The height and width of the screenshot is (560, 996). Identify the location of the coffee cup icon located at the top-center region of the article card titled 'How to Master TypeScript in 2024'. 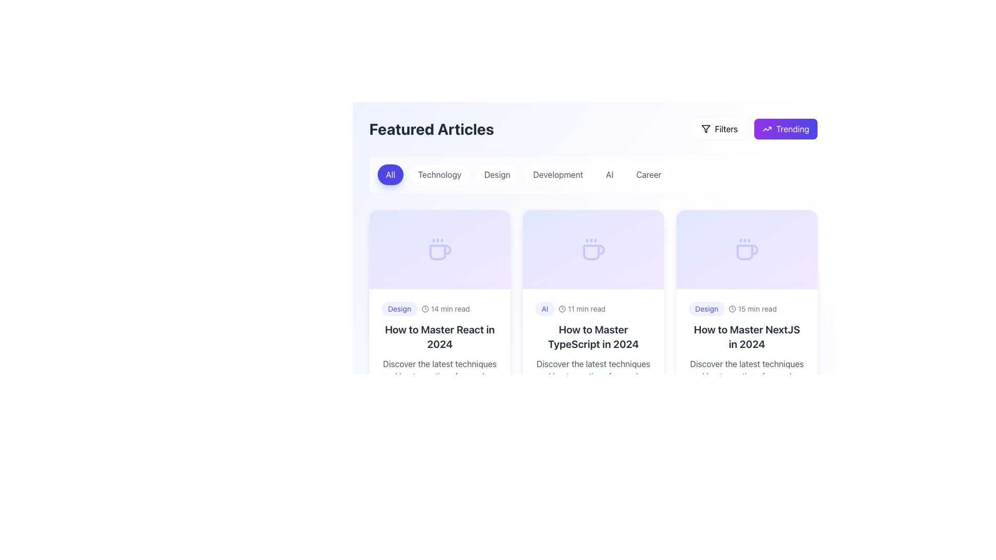
(594, 252).